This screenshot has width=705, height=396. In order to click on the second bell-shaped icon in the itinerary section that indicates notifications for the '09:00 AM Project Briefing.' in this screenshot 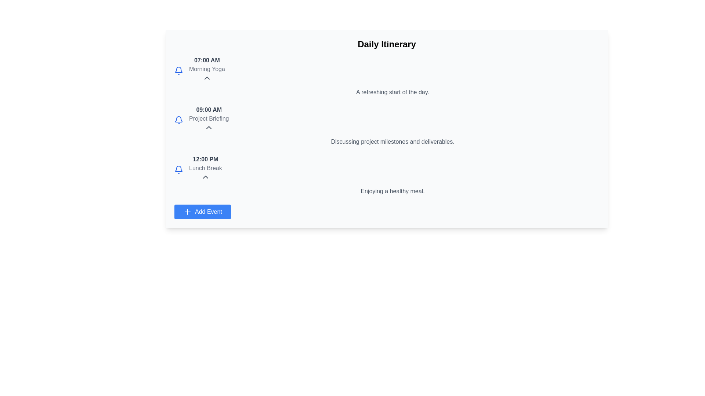, I will do `click(178, 120)`.